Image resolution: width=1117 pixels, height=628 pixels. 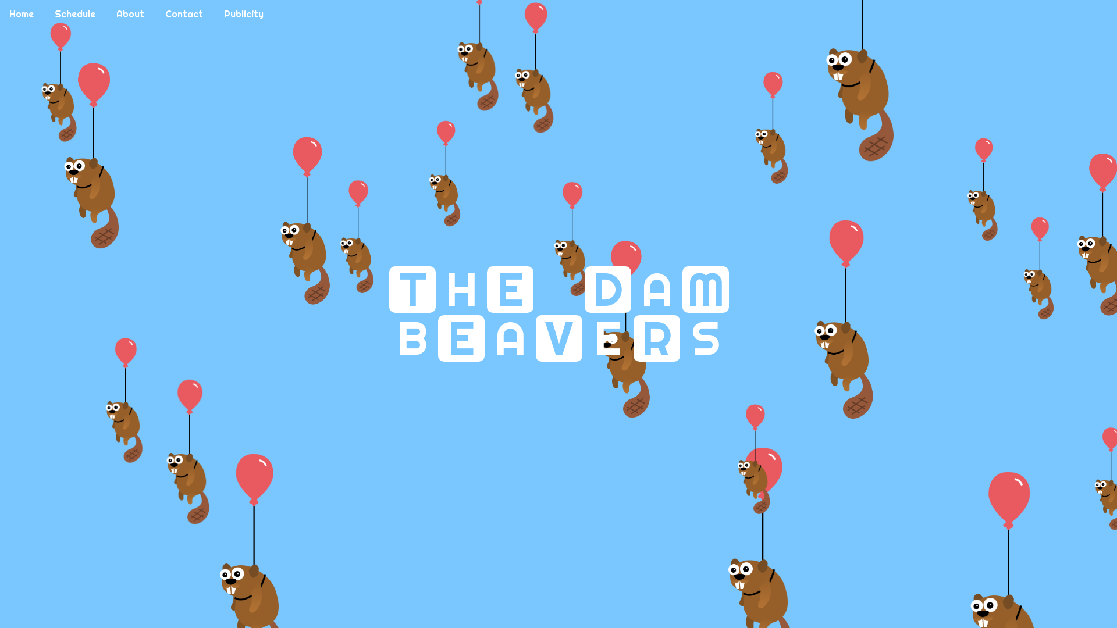 I want to click on 'Schedule', so click(x=74, y=14).